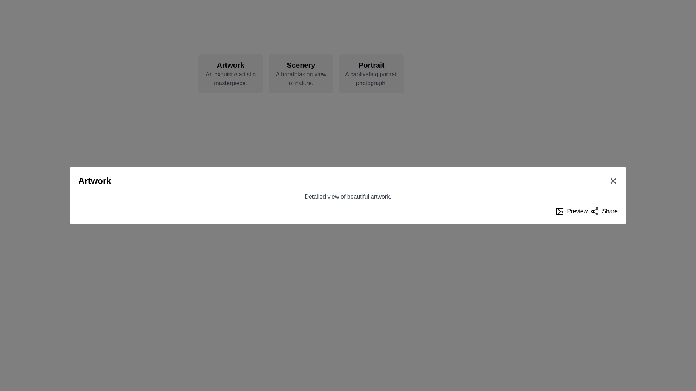  What do you see at coordinates (613, 181) in the screenshot?
I see `the close button located at the top-right corner of the content box` at bounding box center [613, 181].